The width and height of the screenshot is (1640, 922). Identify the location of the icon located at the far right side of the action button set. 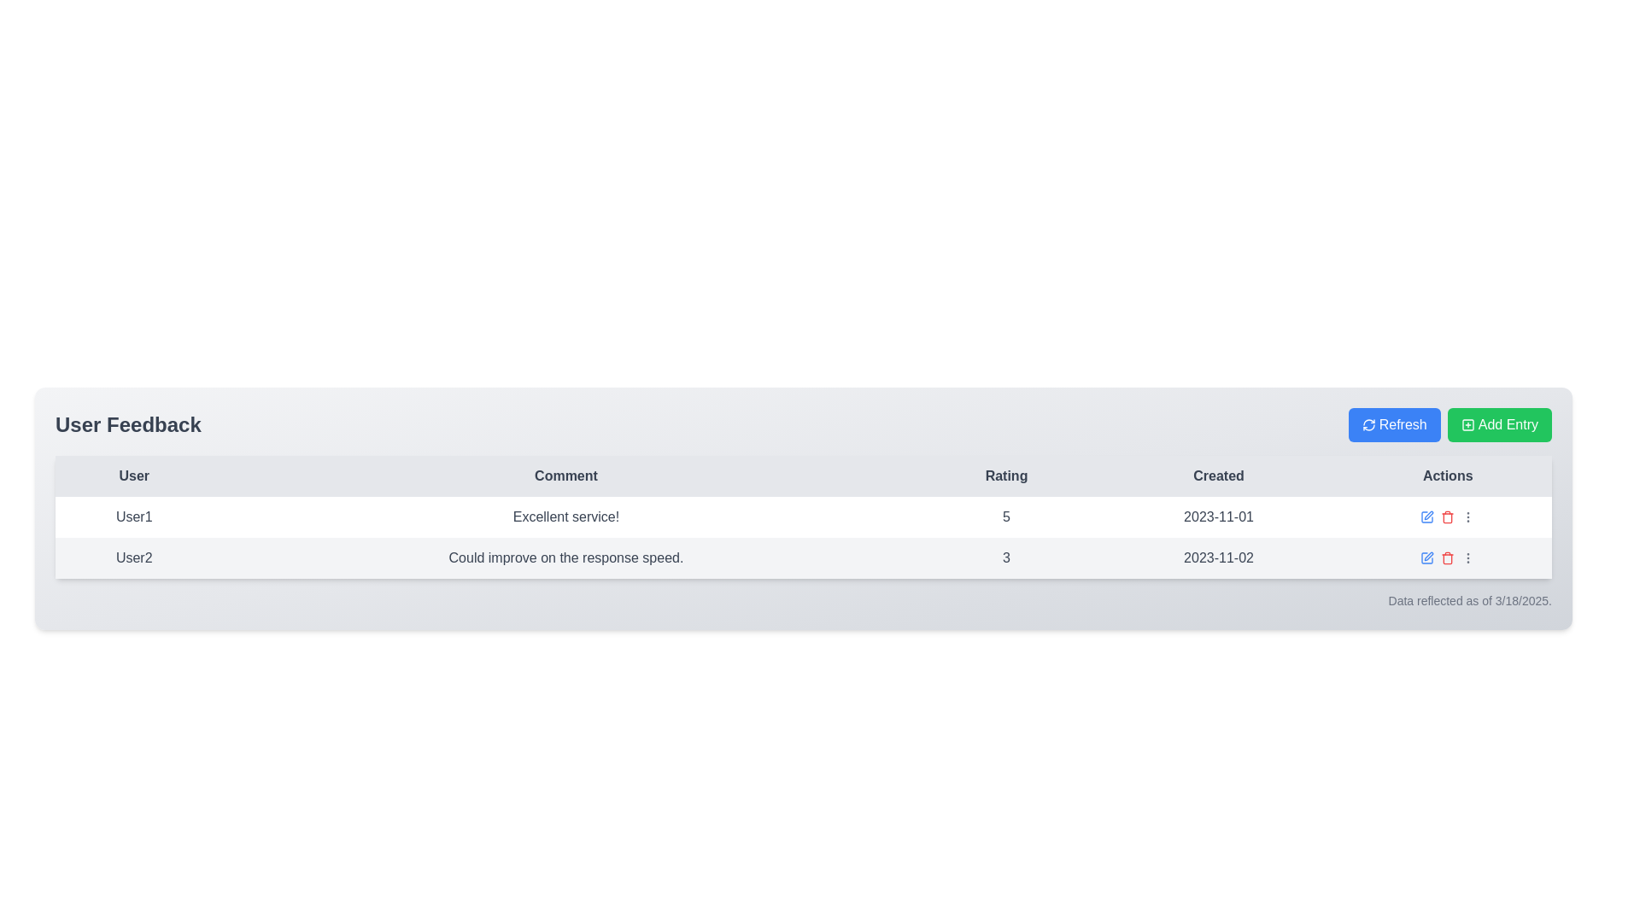
(1467, 516).